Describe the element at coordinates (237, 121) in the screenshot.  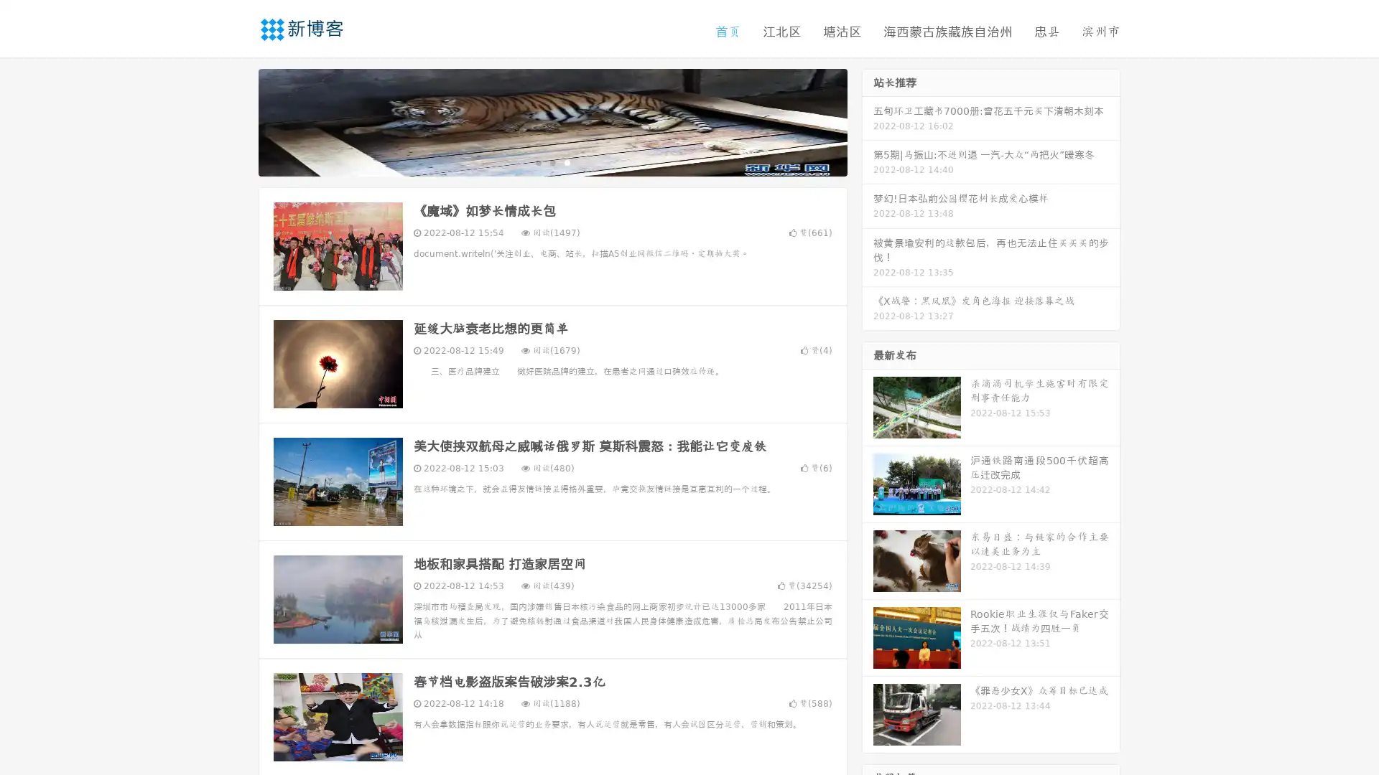
I see `Previous slide` at that location.